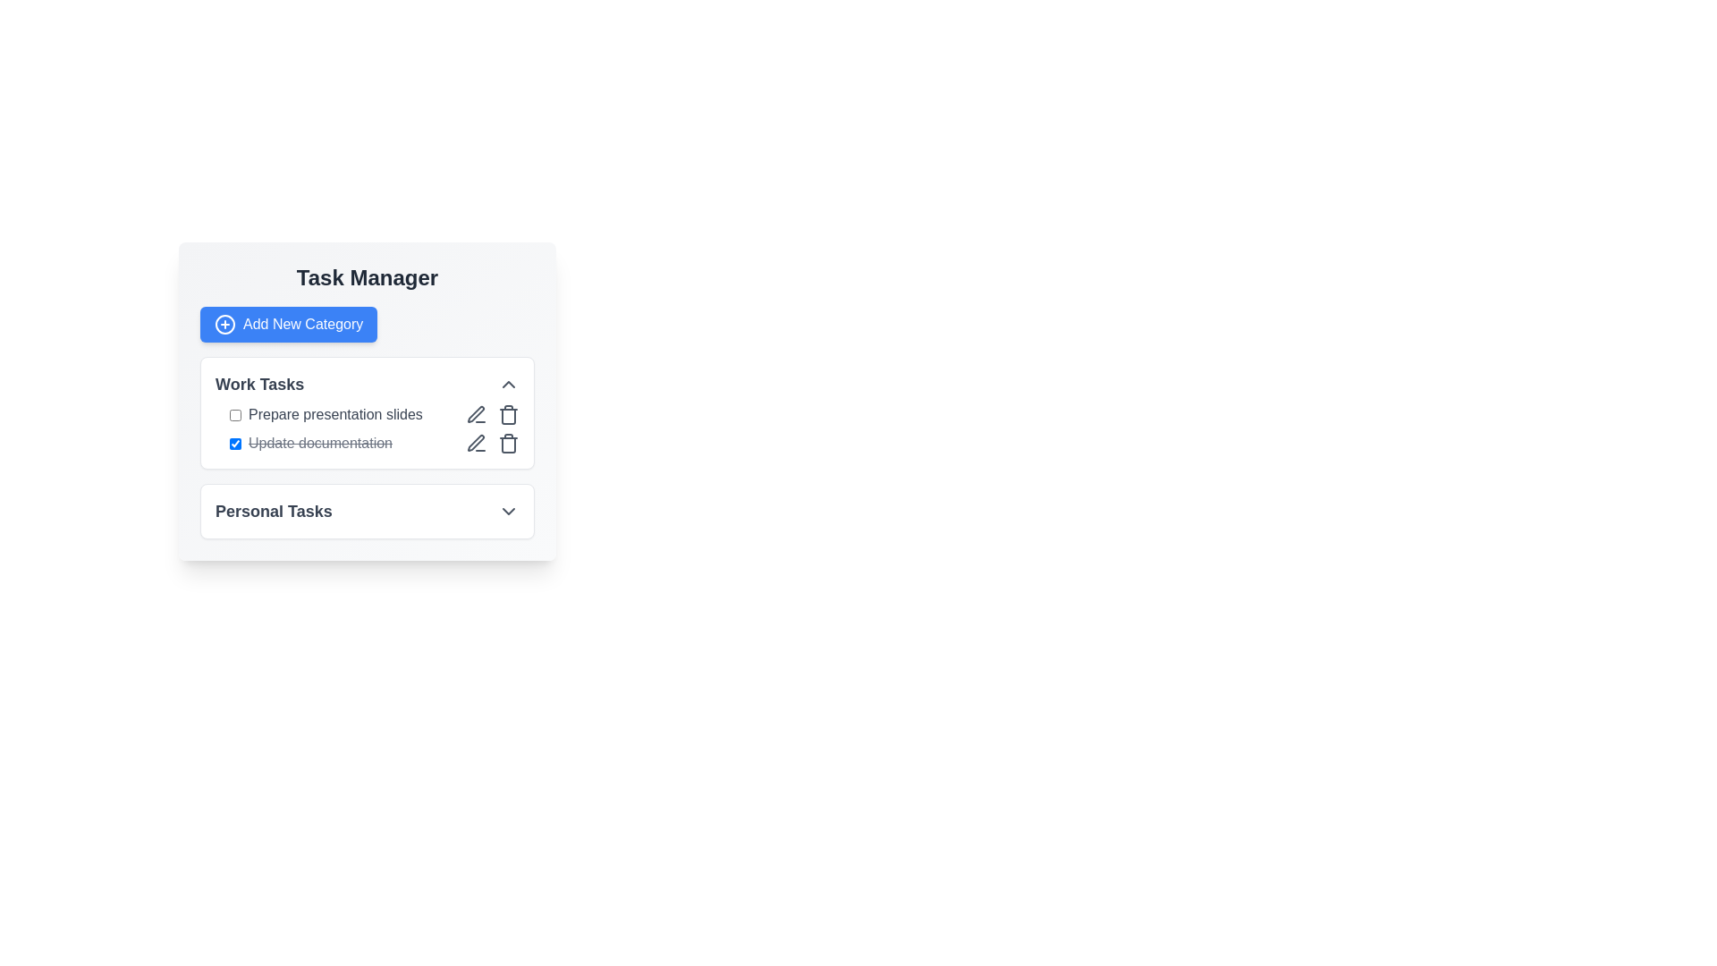 This screenshot has height=966, width=1717. Describe the element at coordinates (508, 414) in the screenshot. I see `the Trash icon button, which is a minimalist line art design located in the 'Work Tasks' section, to change its color to red` at that location.